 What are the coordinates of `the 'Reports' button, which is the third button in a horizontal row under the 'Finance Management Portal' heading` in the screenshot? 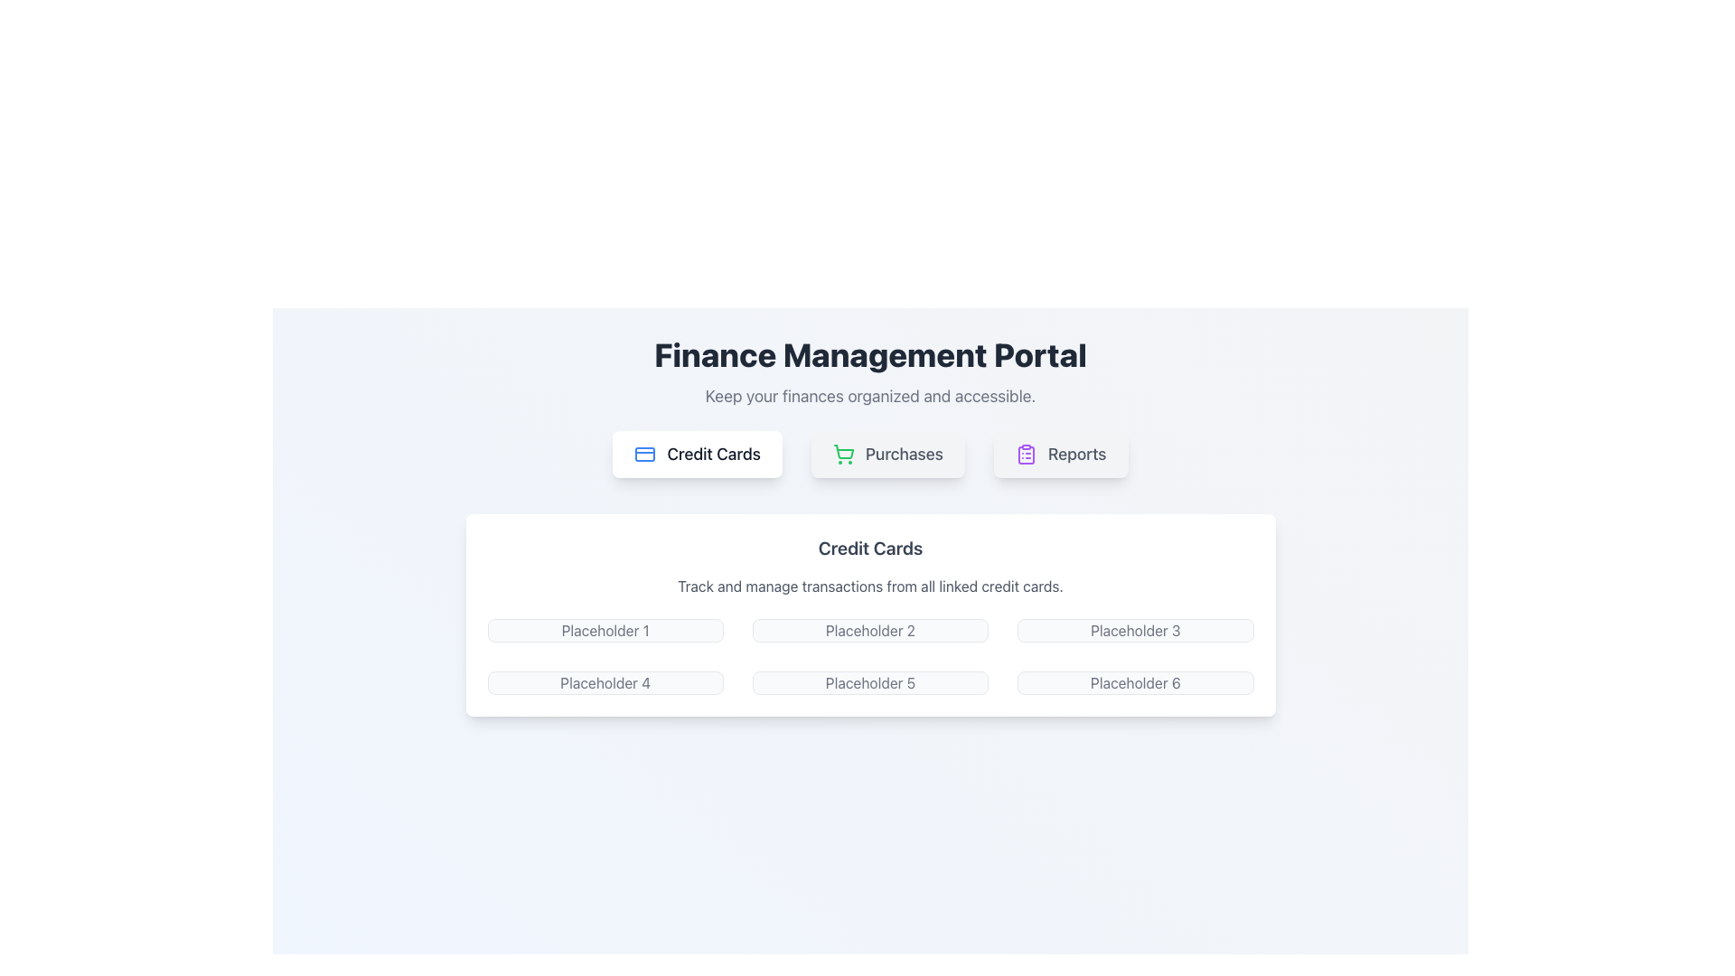 It's located at (1061, 453).